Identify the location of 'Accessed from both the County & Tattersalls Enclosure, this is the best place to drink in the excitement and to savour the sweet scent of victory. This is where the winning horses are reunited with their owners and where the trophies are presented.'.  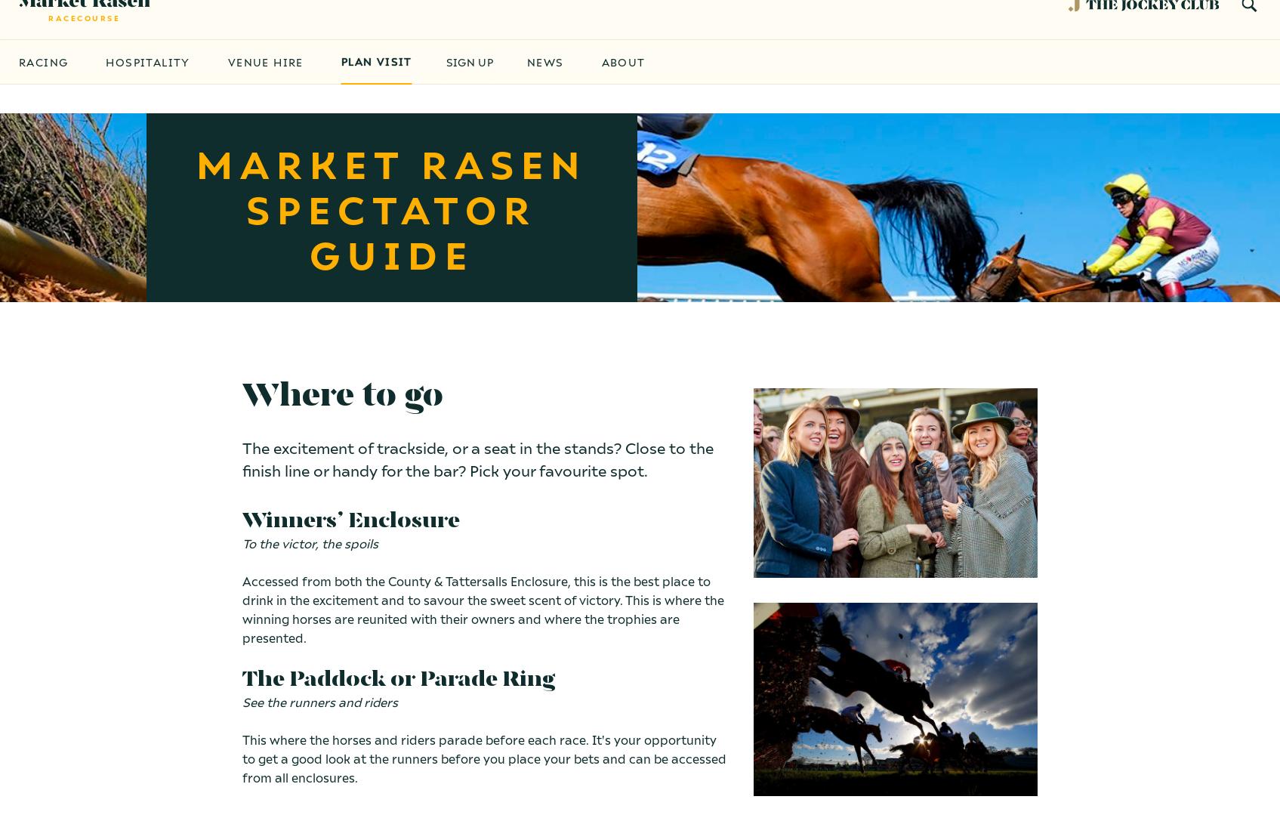
(482, 608).